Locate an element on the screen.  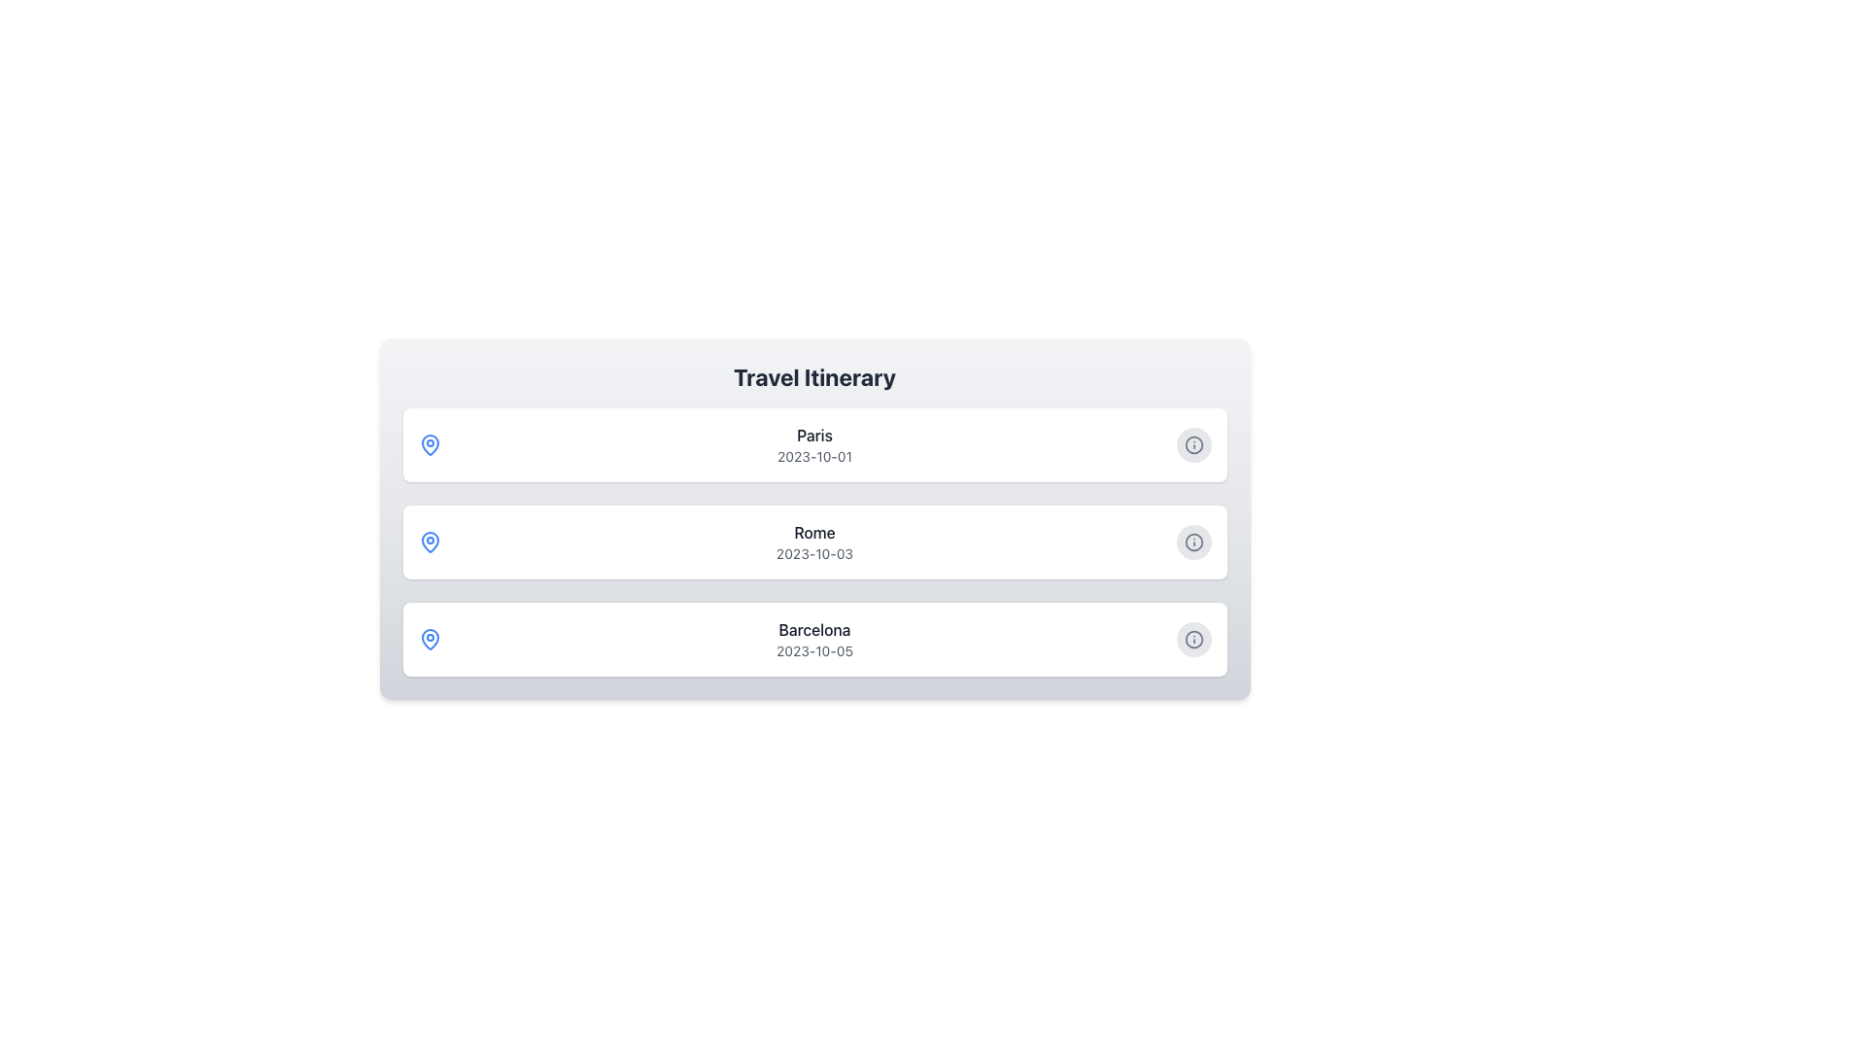
the Heading element that serves as a title for the itinerary list, located at the top of the content area is located at coordinates (814, 377).